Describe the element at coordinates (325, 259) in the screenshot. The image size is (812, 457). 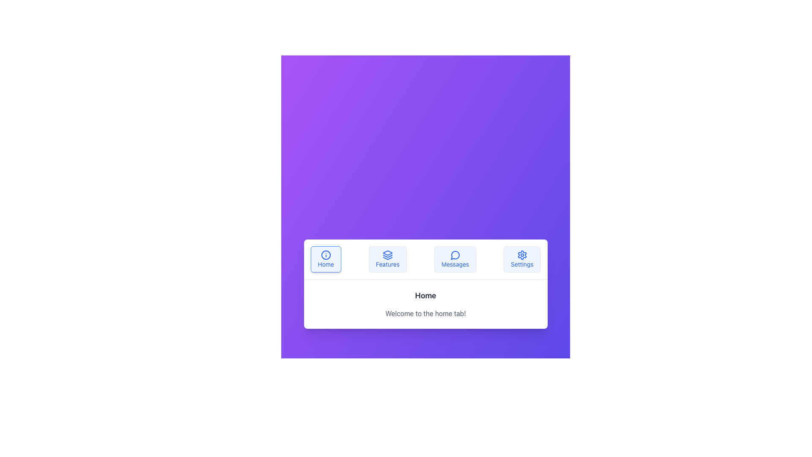
I see `the 'Home' button in the navigation bar` at that location.